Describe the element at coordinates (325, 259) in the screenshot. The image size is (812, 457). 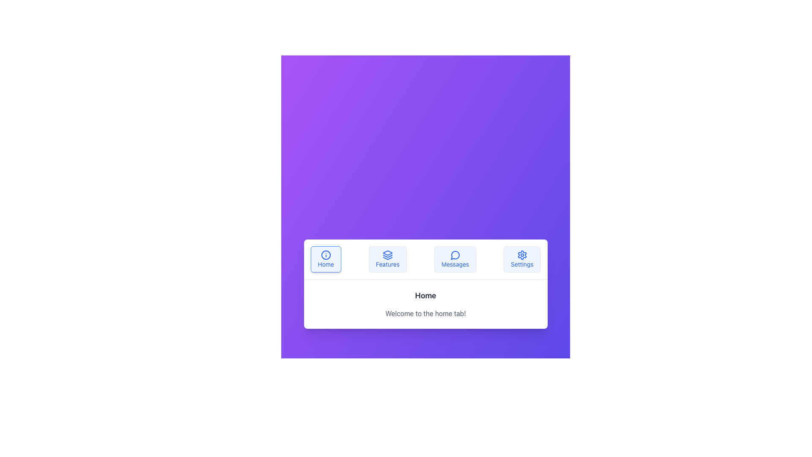
I see `the 'Home' button in the navigation bar` at that location.